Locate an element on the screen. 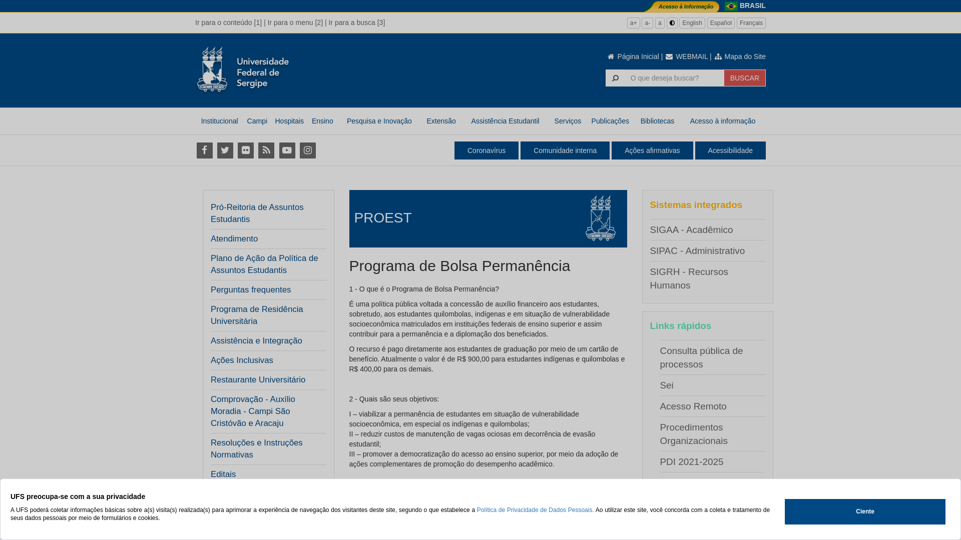  'BUSCAR' is located at coordinates (745, 77).